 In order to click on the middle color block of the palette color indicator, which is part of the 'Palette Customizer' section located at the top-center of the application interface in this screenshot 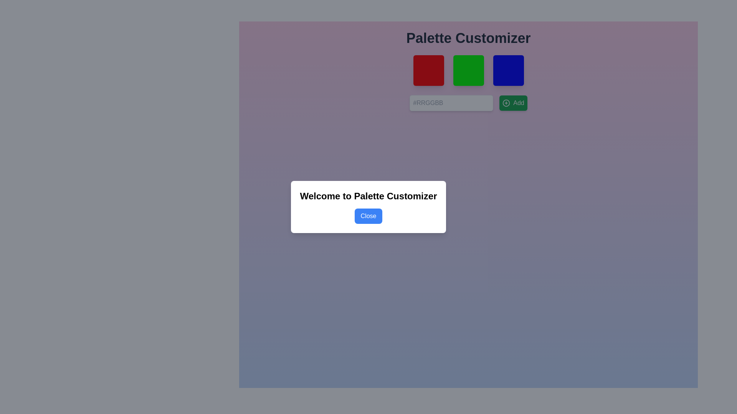, I will do `click(468, 71)`.